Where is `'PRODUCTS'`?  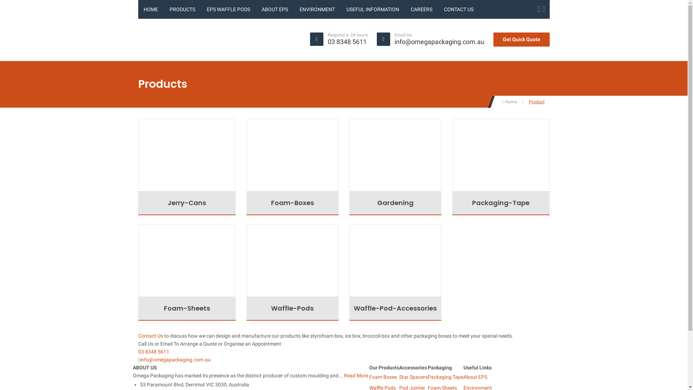
'PRODUCTS' is located at coordinates (164, 9).